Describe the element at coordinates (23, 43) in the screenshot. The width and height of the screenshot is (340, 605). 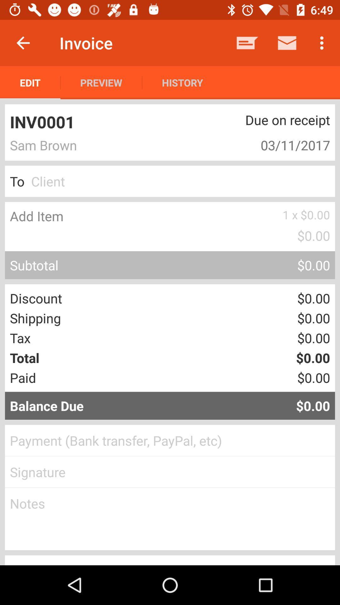
I see `item next to invoice icon` at that location.